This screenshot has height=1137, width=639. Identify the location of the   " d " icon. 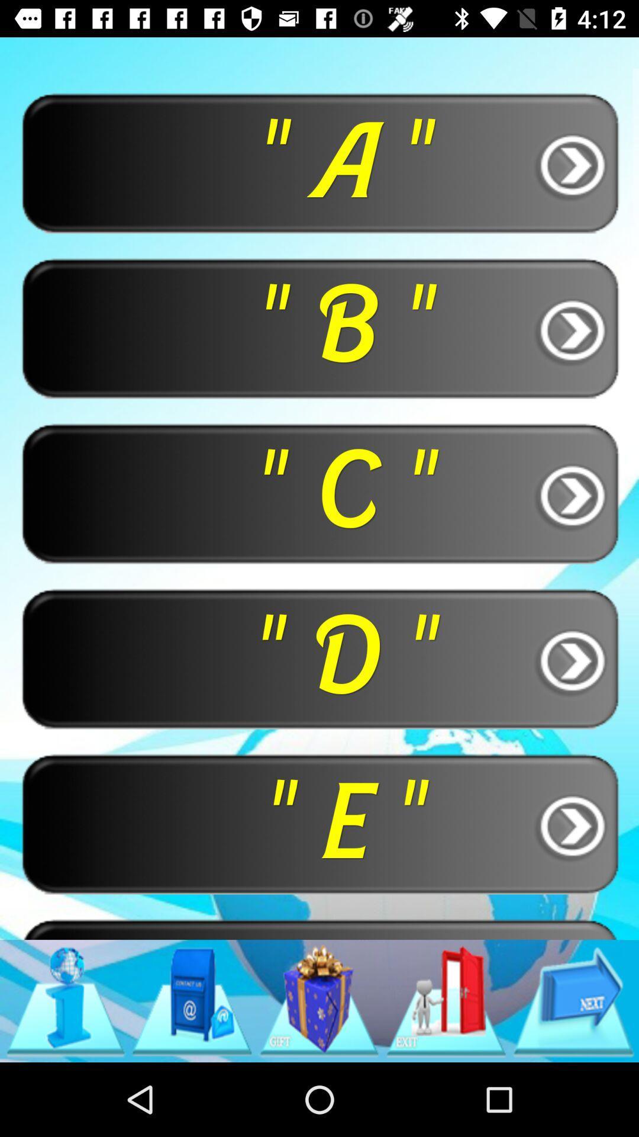
(319, 657).